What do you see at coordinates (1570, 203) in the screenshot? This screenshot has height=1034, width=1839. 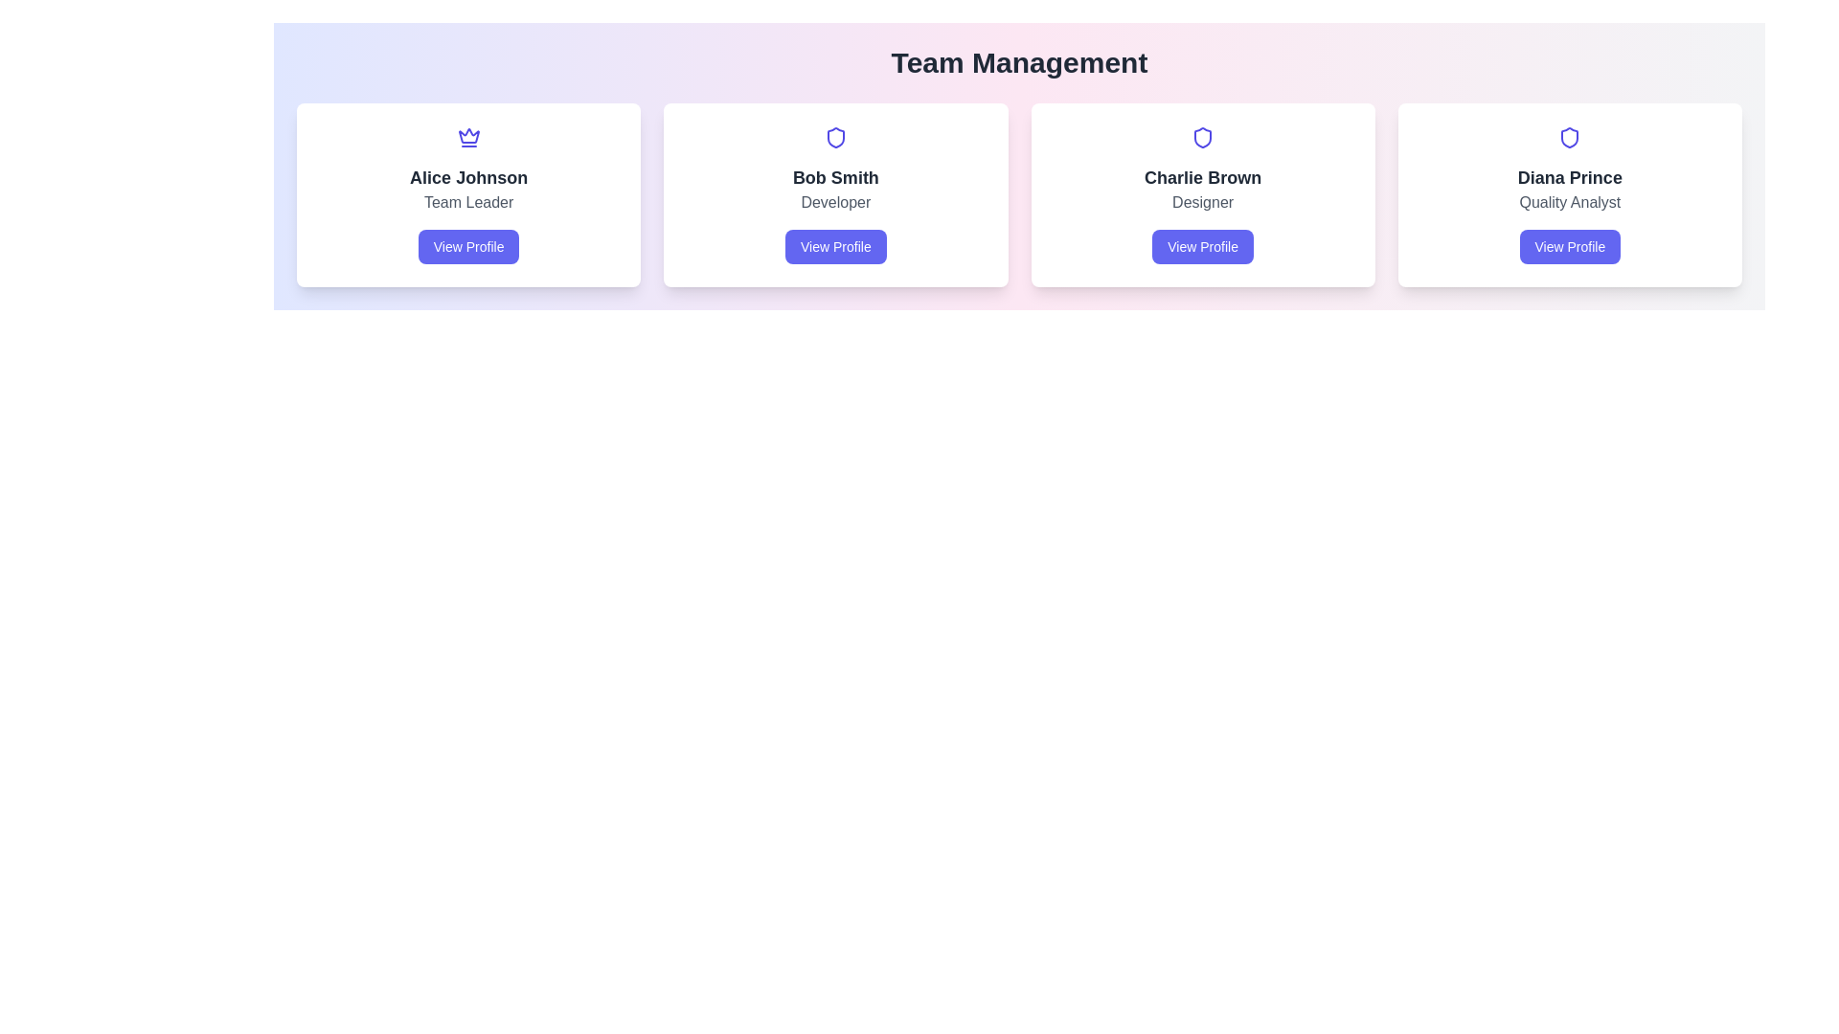 I see `the 'Quality Analyst' text label that provides contextual information about 'Diana Prince', located beneath the name and above the 'View Profile' button` at bounding box center [1570, 203].